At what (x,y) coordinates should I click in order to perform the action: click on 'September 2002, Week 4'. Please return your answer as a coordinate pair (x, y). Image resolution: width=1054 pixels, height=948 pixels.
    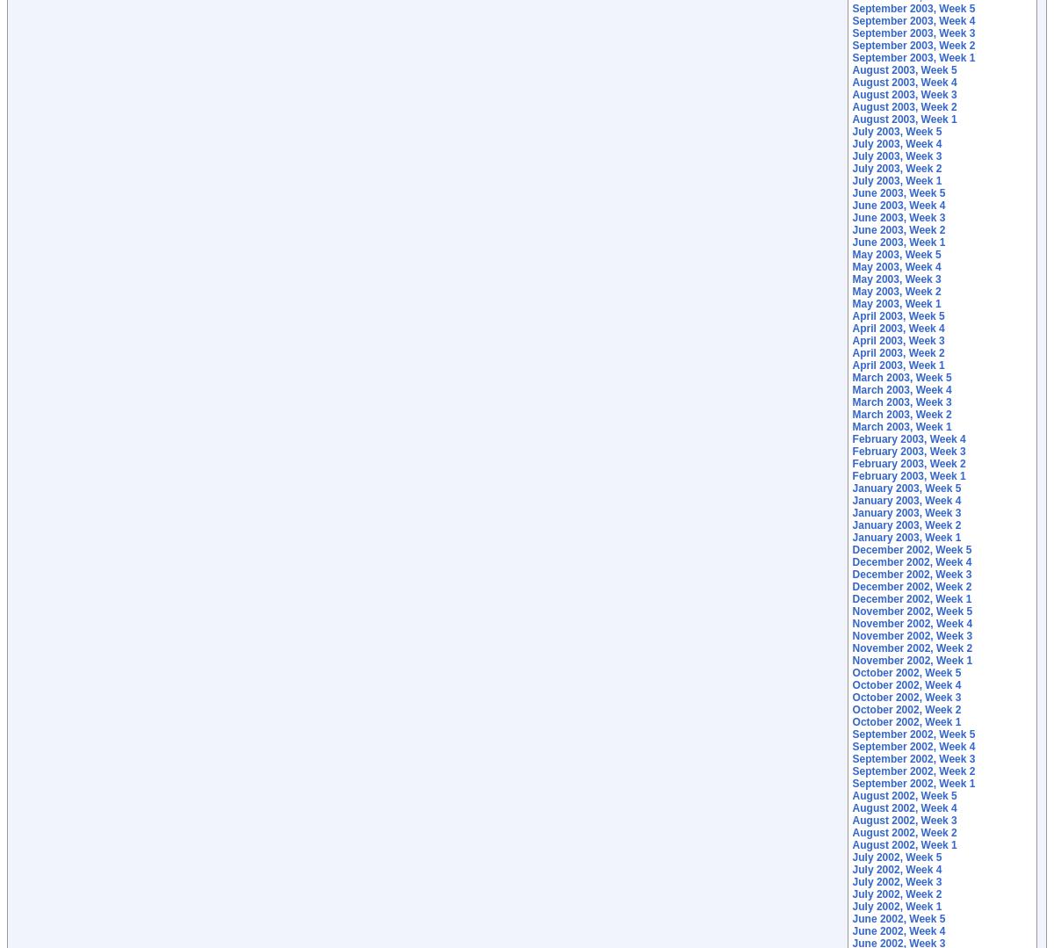
    Looking at the image, I should click on (851, 747).